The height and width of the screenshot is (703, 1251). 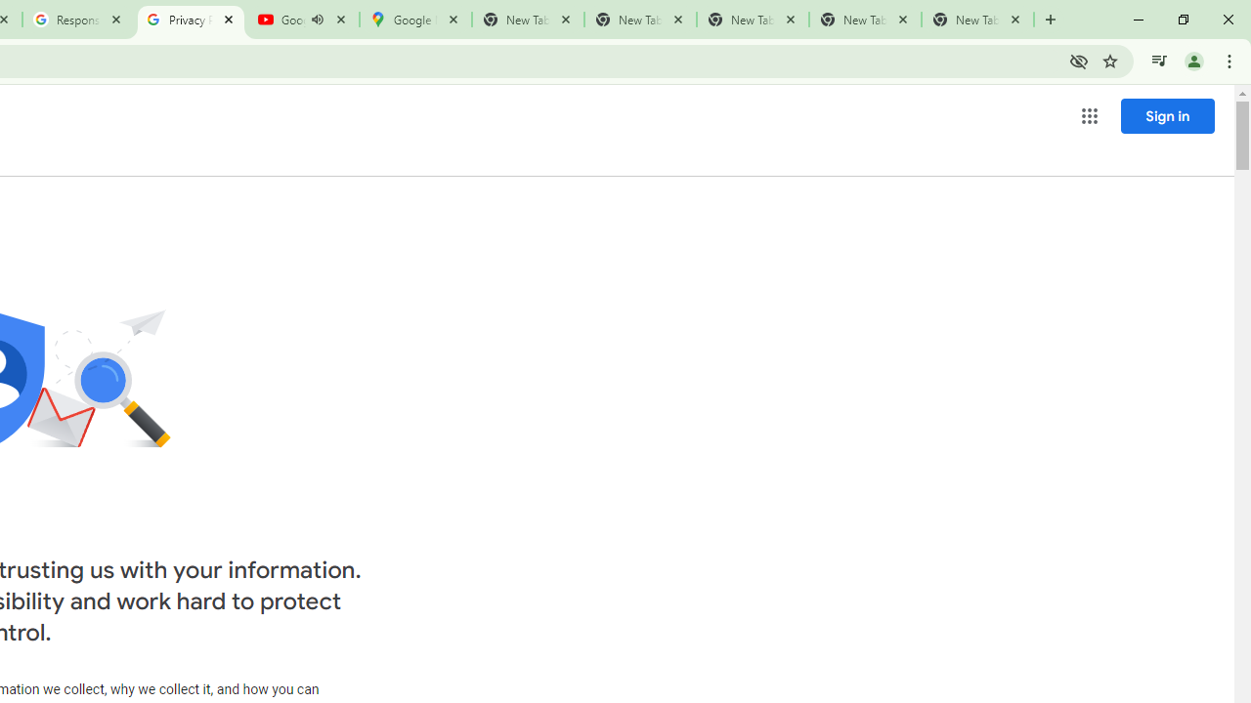 I want to click on 'Google Maps', so click(x=413, y=20).